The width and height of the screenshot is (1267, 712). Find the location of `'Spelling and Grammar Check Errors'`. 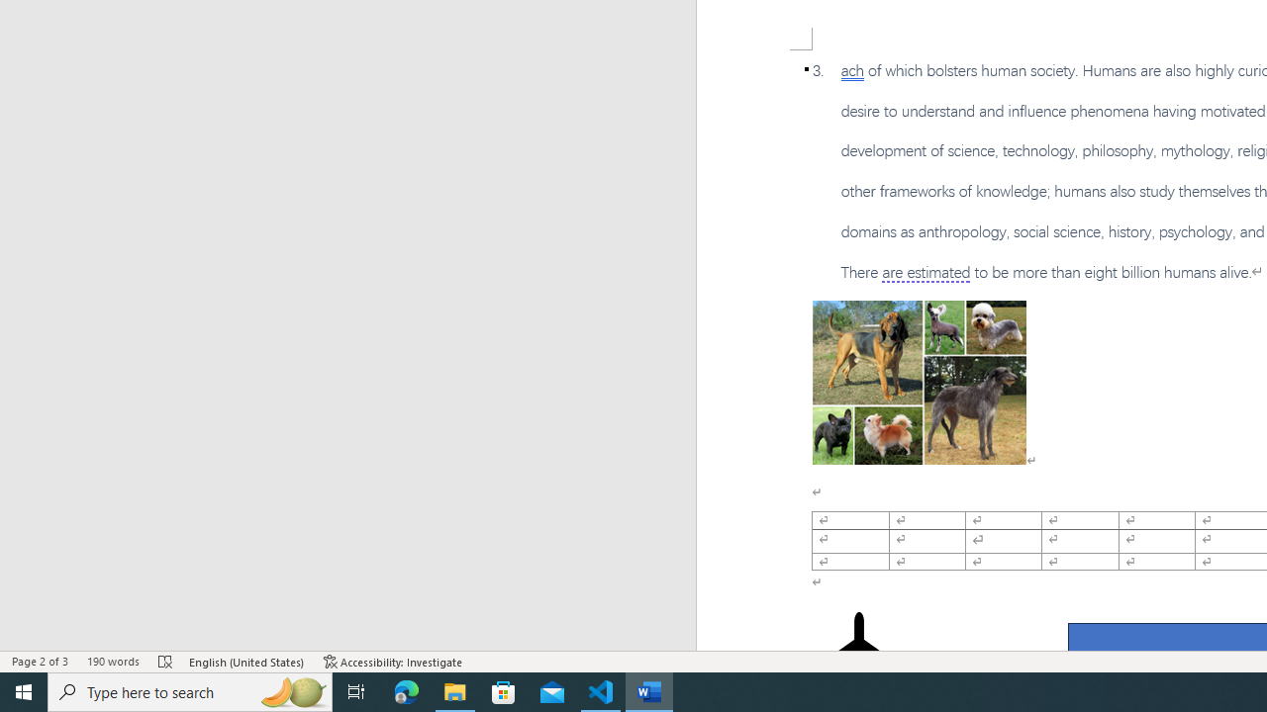

'Spelling and Grammar Check Errors' is located at coordinates (166, 662).